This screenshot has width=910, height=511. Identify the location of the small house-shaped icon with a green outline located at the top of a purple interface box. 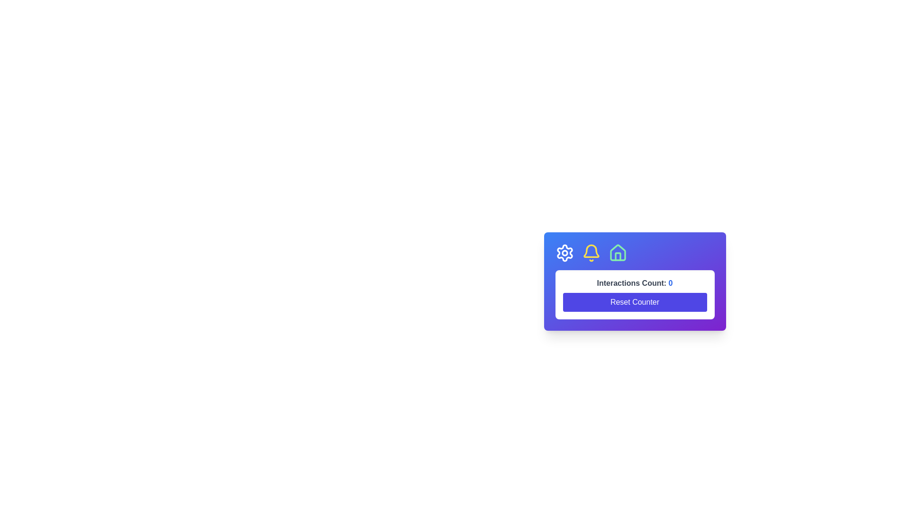
(618, 253).